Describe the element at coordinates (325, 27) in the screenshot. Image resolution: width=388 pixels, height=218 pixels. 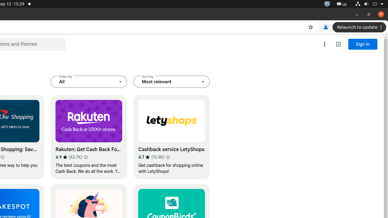
I see `'You'` at that location.